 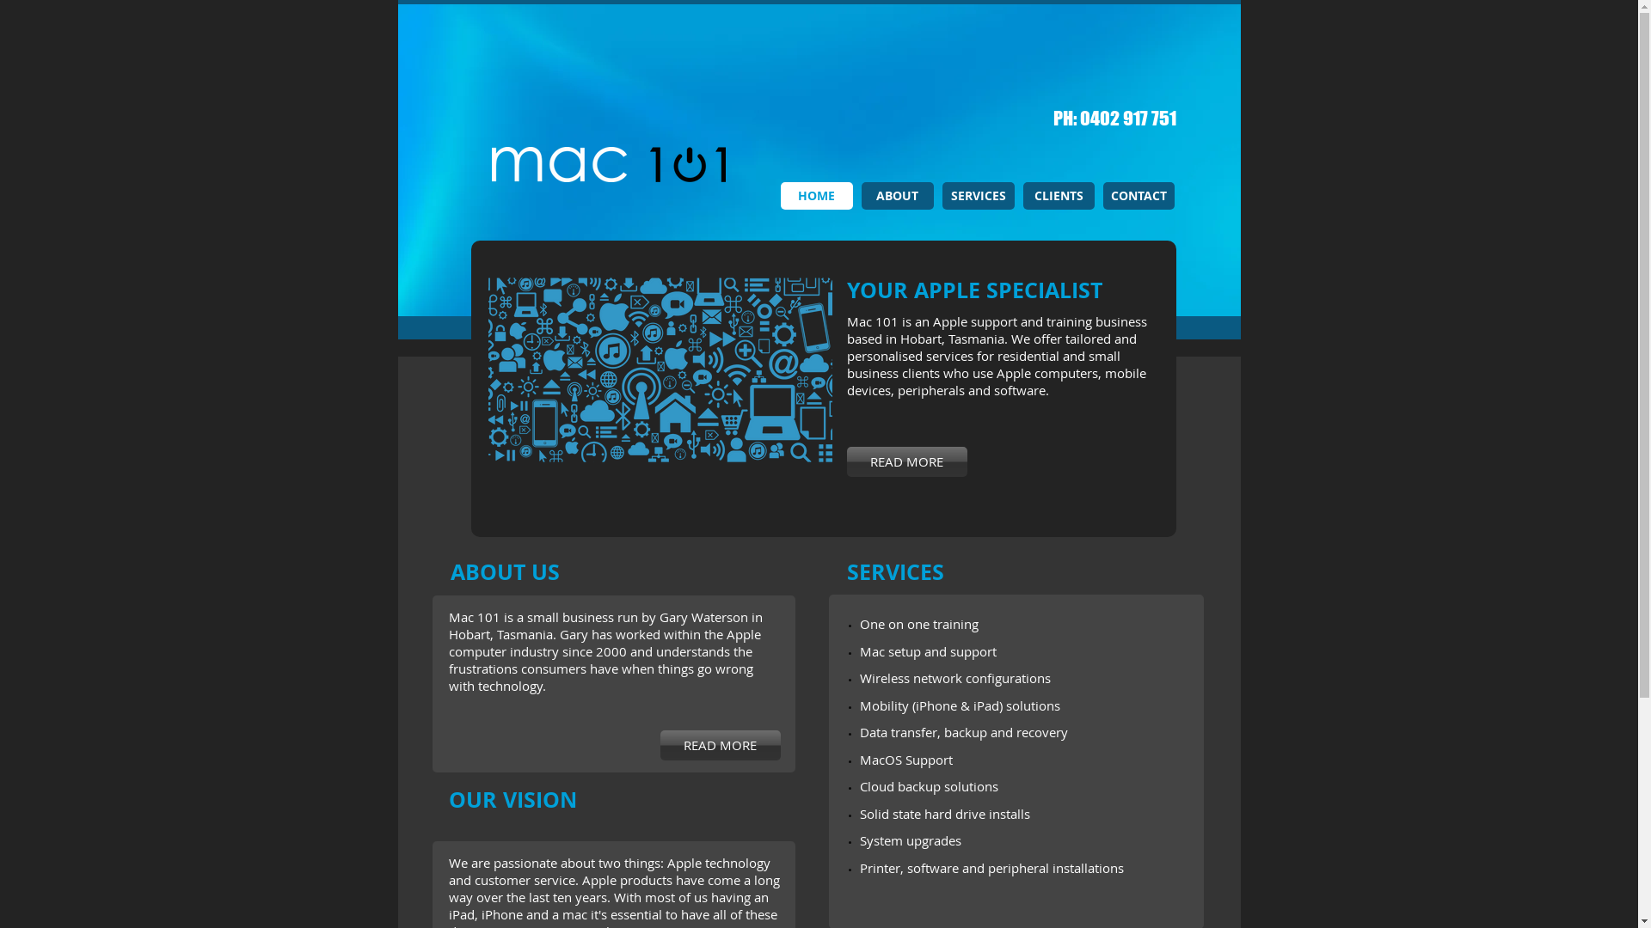 I want to click on 'ABOUT', so click(x=862, y=194).